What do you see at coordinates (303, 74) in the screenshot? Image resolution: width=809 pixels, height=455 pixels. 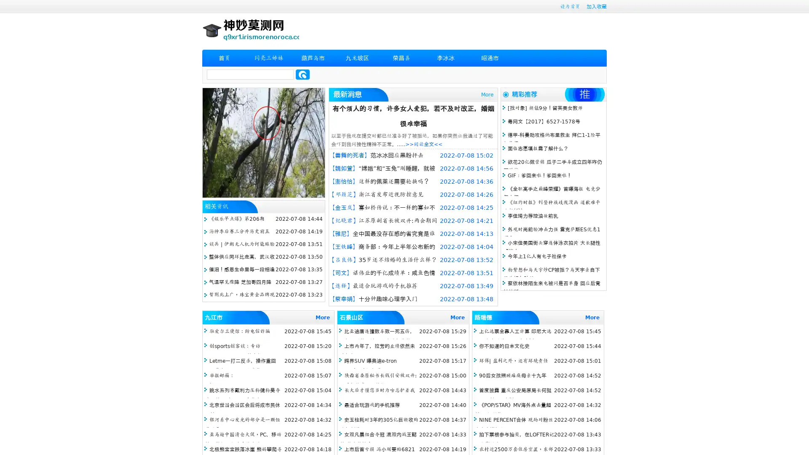 I see `Search` at bounding box center [303, 74].